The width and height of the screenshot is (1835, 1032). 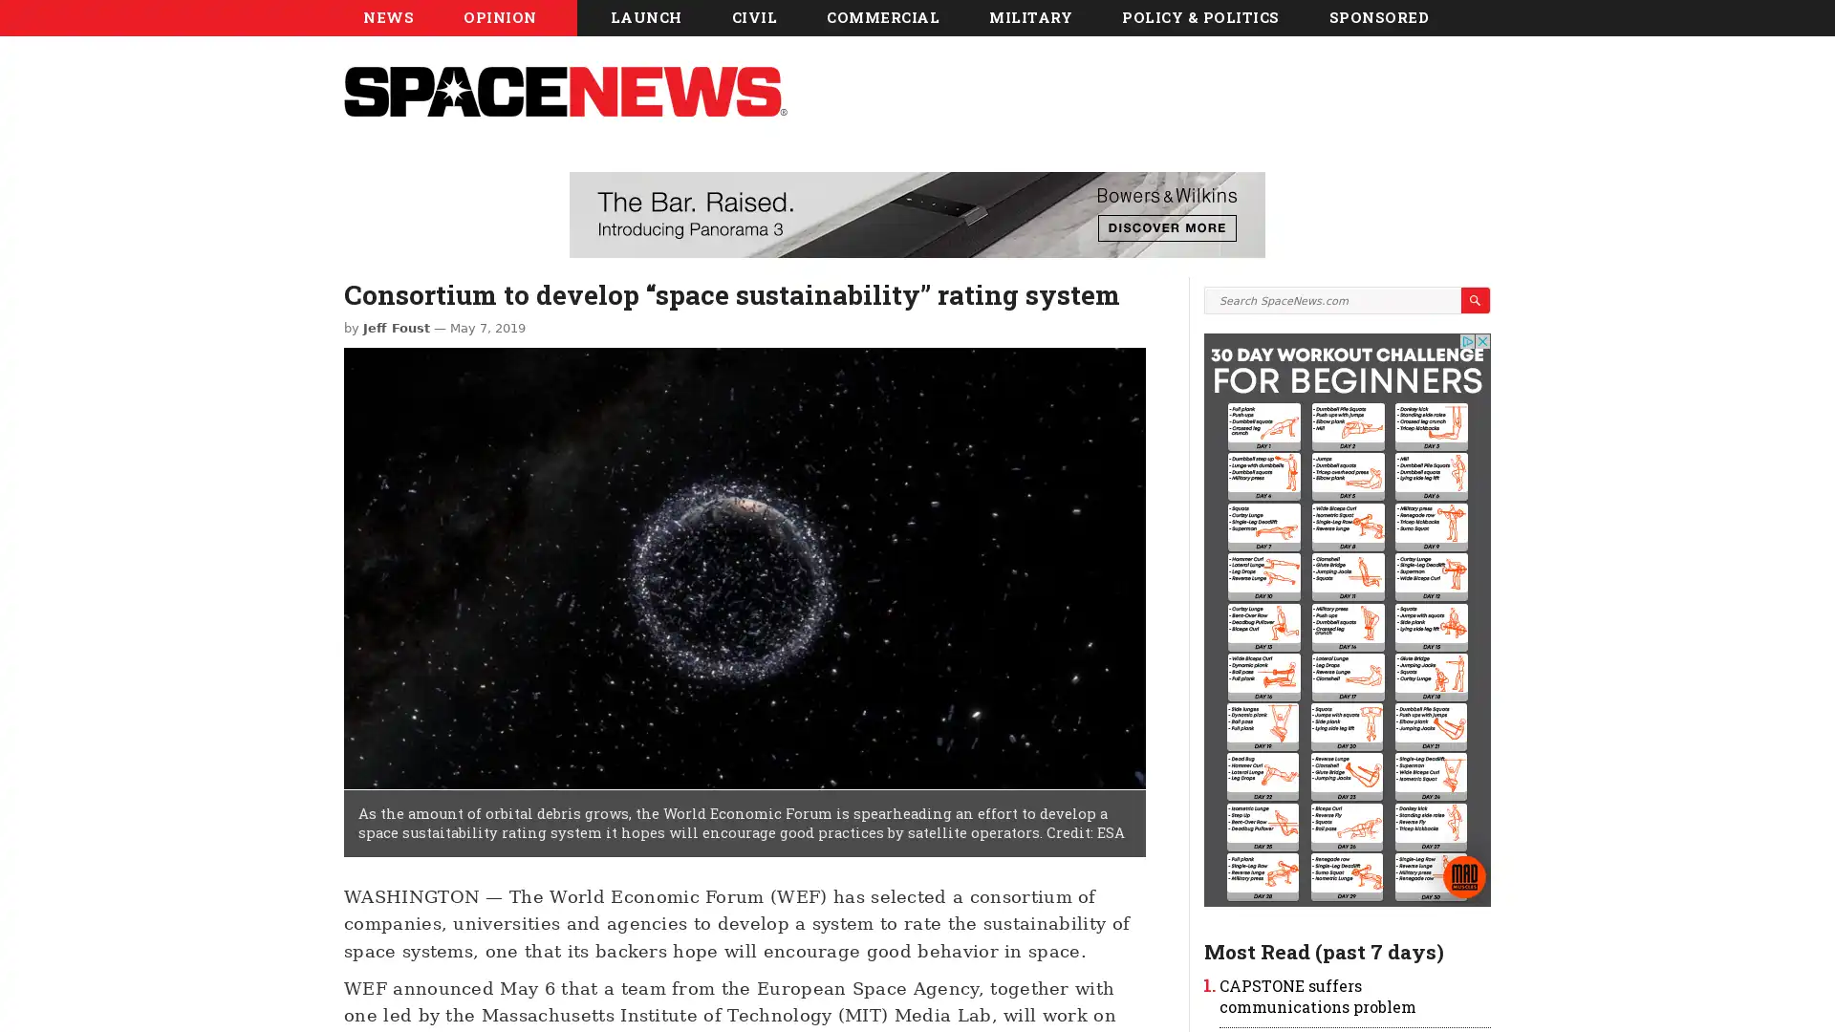 What do you see at coordinates (1475, 195) in the screenshot?
I see `Search` at bounding box center [1475, 195].